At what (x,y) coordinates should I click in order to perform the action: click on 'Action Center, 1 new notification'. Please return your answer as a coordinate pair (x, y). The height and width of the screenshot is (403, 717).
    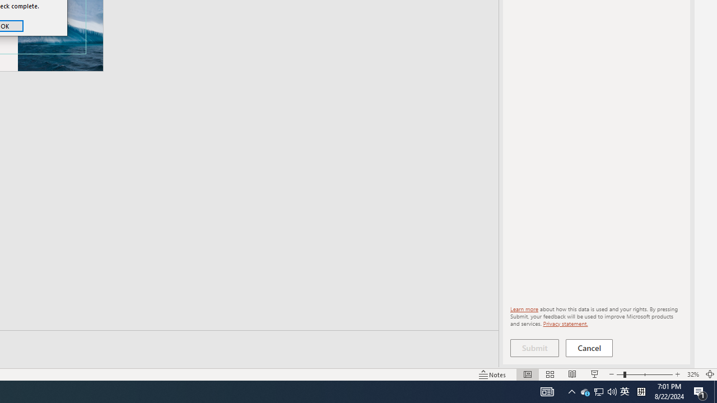
    Looking at the image, I should click on (700, 391).